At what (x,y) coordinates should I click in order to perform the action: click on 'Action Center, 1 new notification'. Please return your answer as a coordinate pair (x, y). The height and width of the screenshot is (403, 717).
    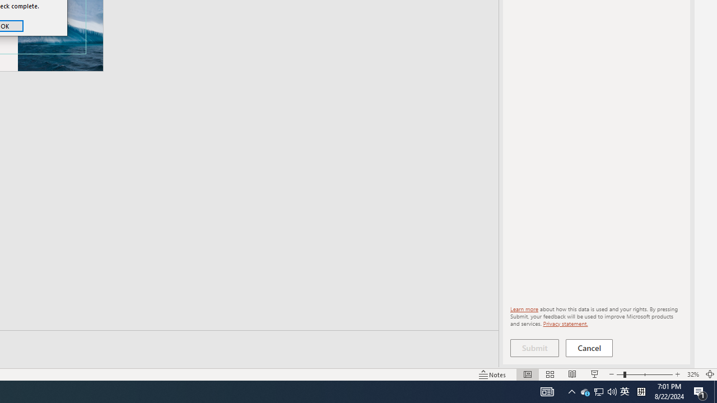
    Looking at the image, I should click on (700, 391).